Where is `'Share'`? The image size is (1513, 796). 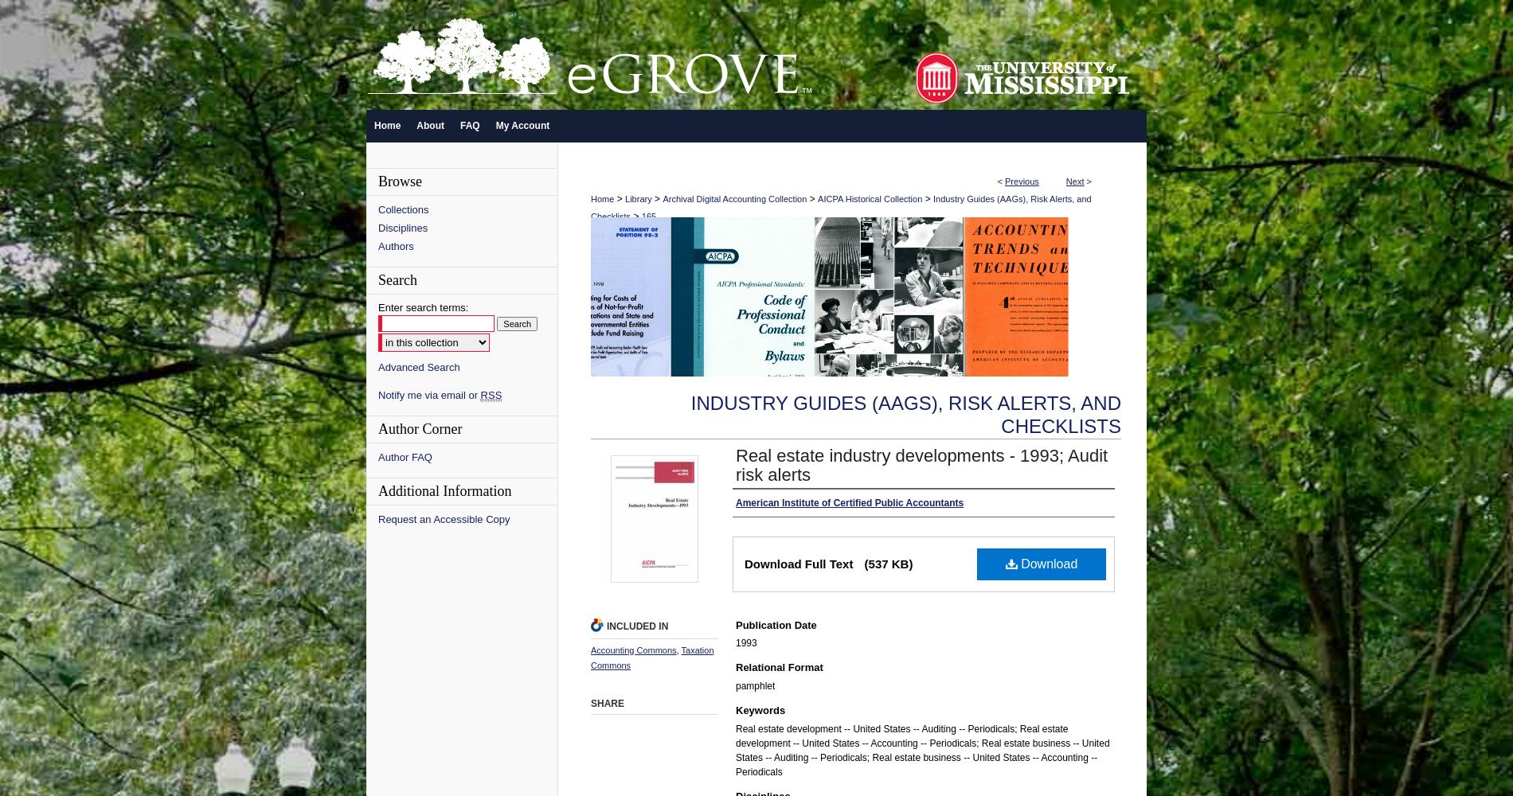 'Share' is located at coordinates (607, 704).